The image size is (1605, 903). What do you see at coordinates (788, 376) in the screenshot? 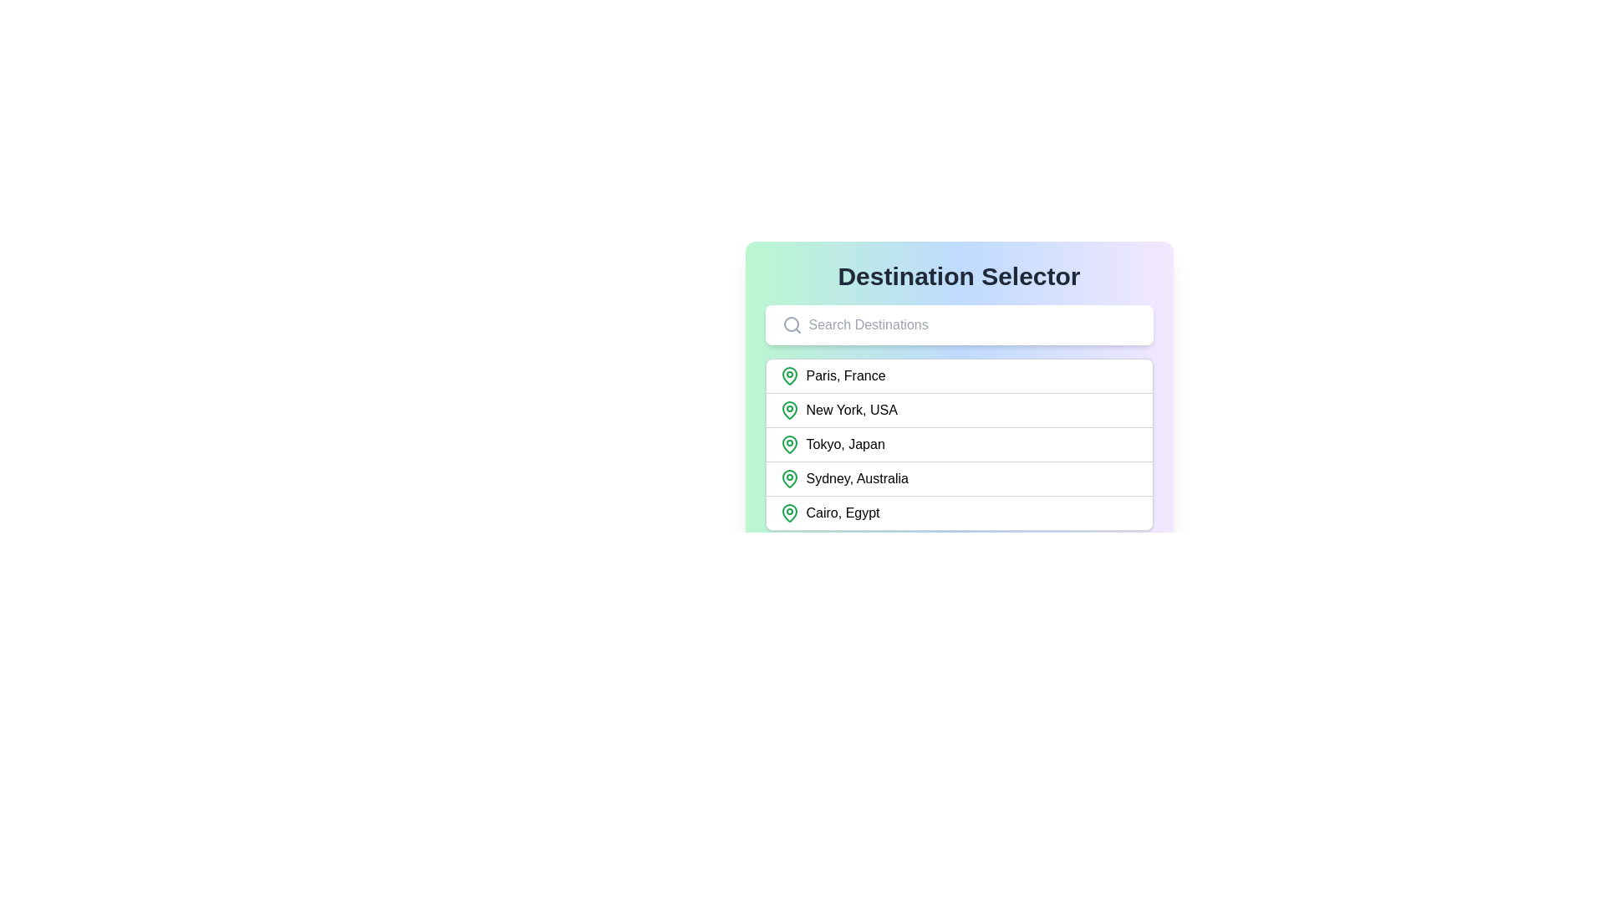
I see `the green outlined map pin icon located next to the text 'Paris, France' in the destination list` at bounding box center [788, 376].